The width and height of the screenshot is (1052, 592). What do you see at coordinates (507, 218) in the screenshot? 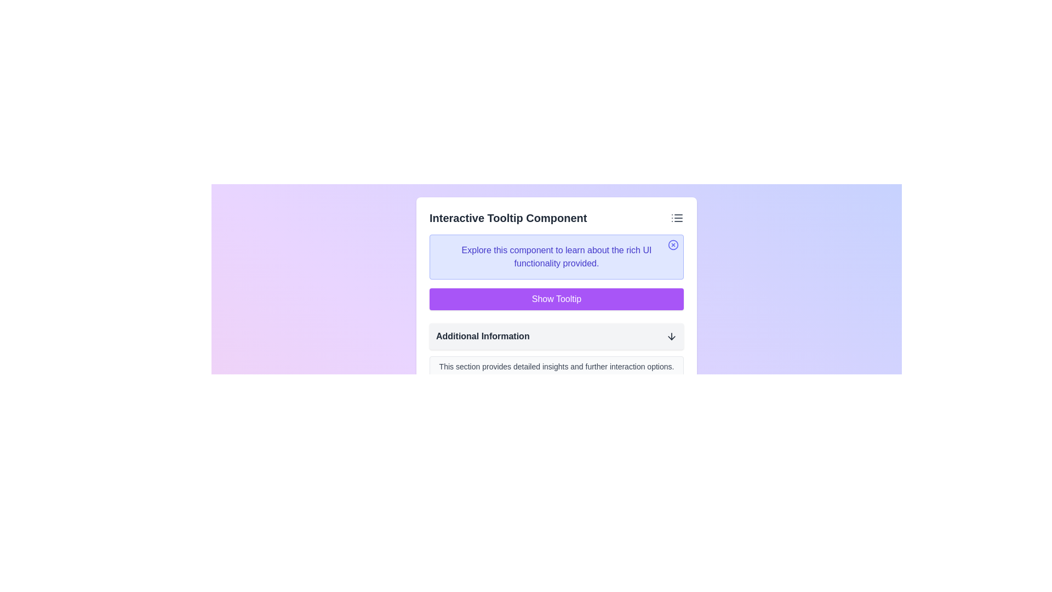
I see `text of the bold, larger-sized text label that says 'Interactive Tooltip Component', located at the top of its section and contrasting with a light-colored background` at bounding box center [507, 218].